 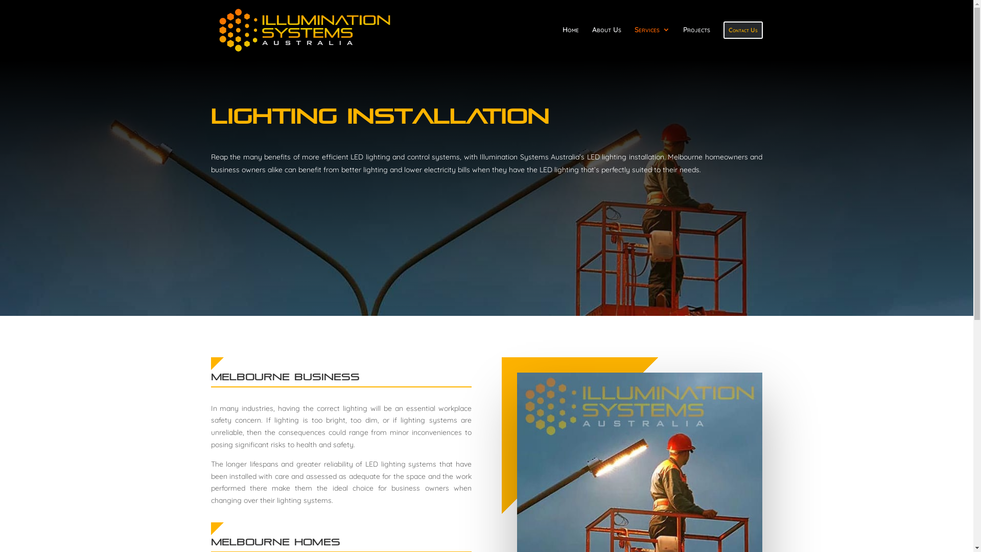 I want to click on 'About Us', so click(x=606, y=42).